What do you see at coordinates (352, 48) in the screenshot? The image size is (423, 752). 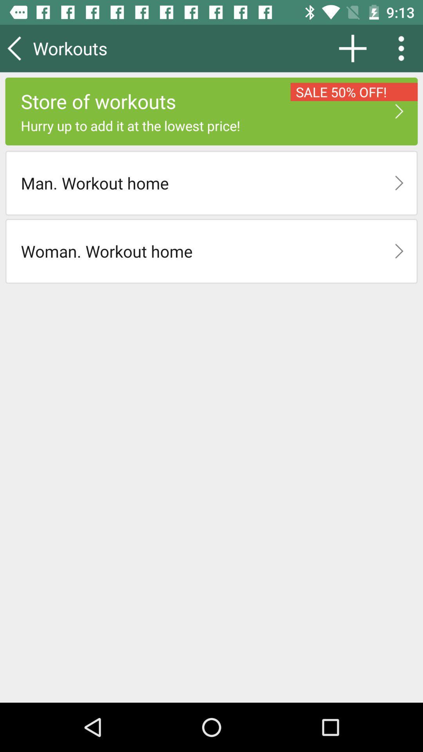 I see `item to the right of the workouts app` at bounding box center [352, 48].